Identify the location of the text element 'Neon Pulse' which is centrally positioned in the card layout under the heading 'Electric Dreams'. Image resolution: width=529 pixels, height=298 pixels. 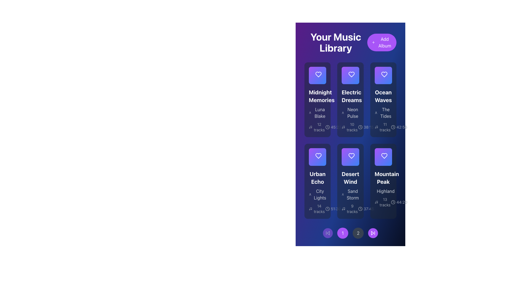
(353, 113).